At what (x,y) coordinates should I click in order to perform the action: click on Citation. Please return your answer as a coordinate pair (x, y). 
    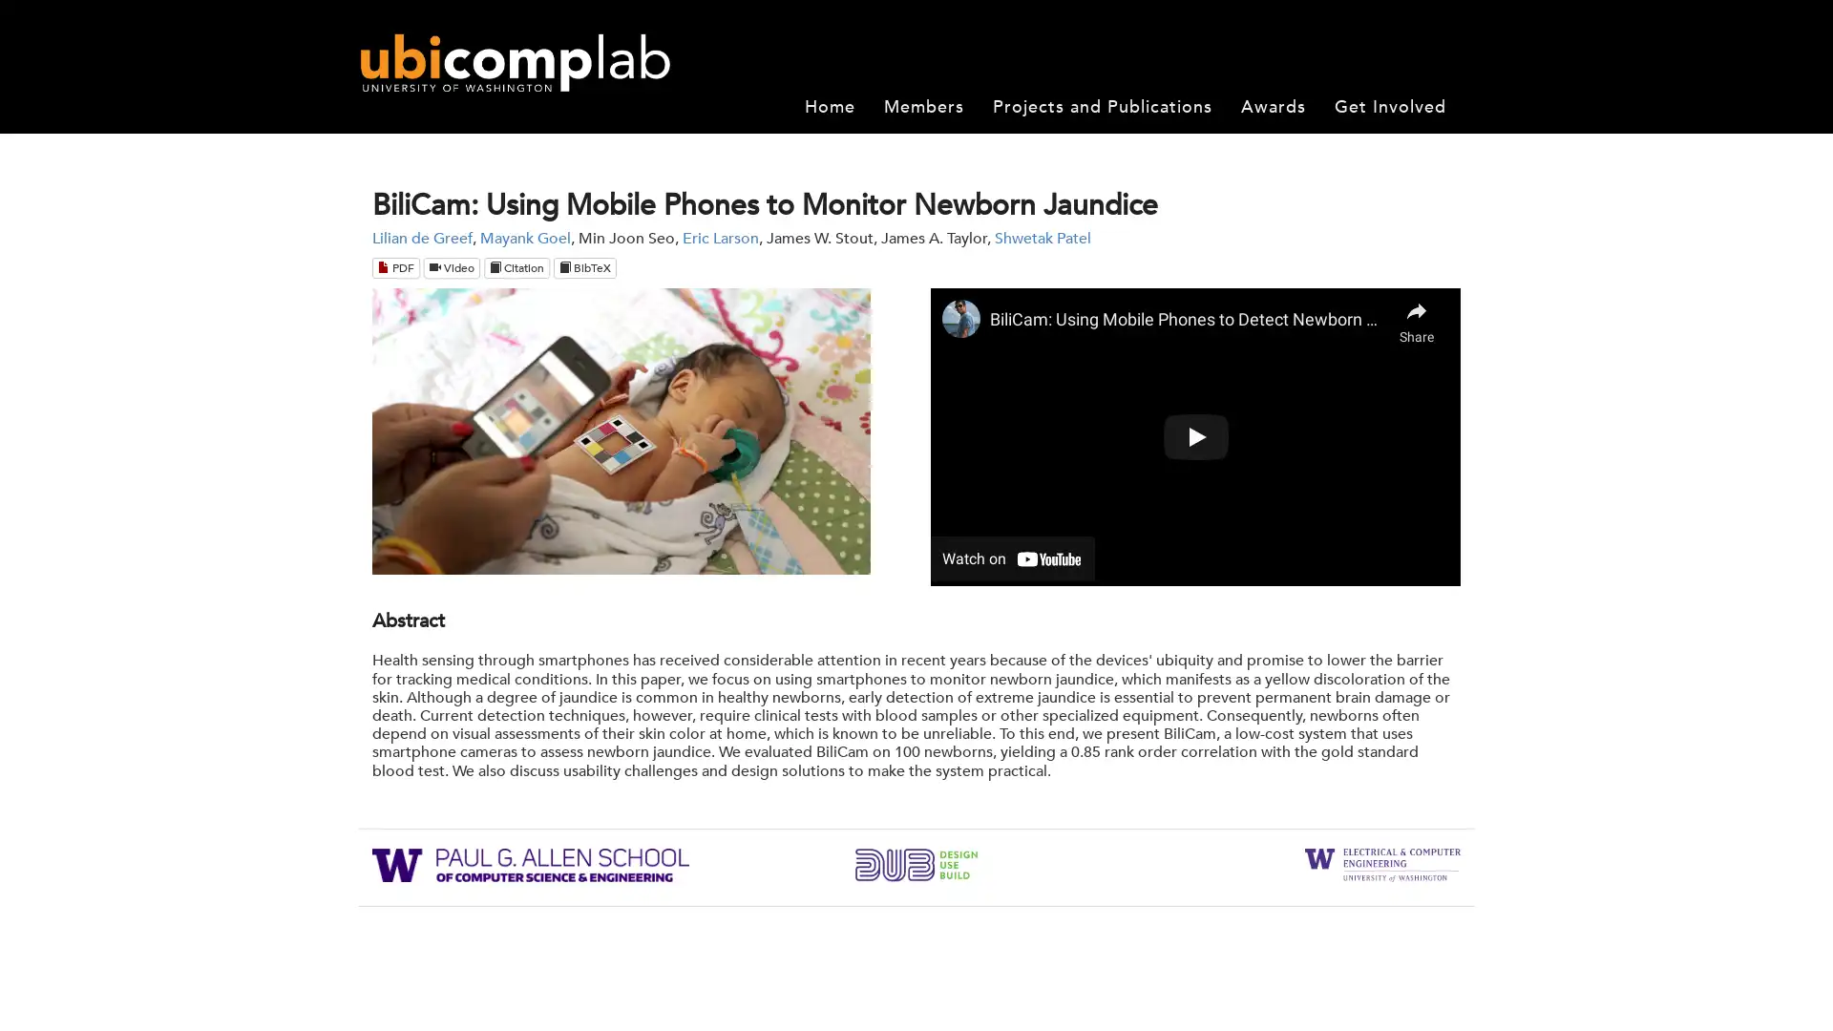
    Looking at the image, I should click on (516, 268).